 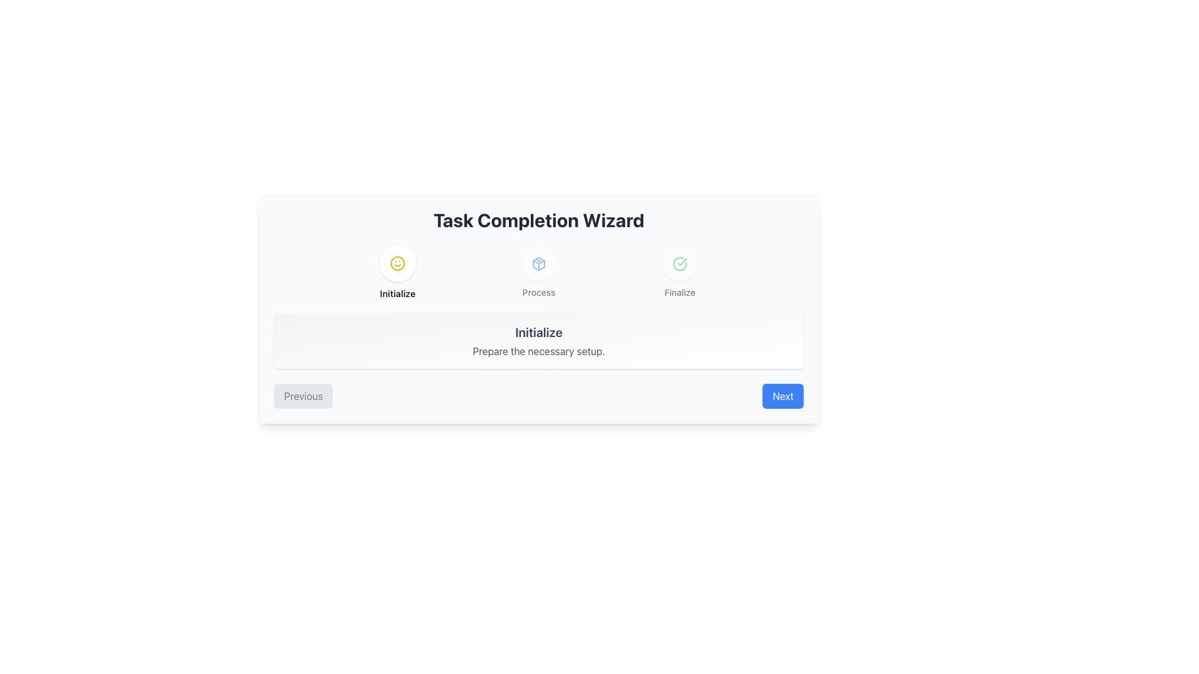 What do you see at coordinates (679, 293) in the screenshot?
I see `the 'Finalize' text label, which indicates the completion of the last step in the wizard, located under a circular green checkmark icon` at bounding box center [679, 293].